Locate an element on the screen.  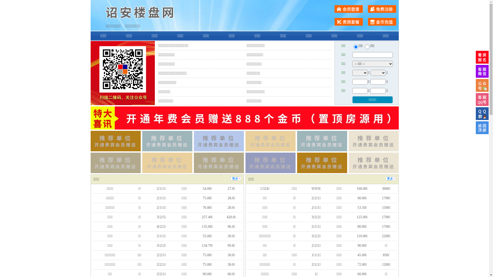
'chuzu' is located at coordinates (367, 47).